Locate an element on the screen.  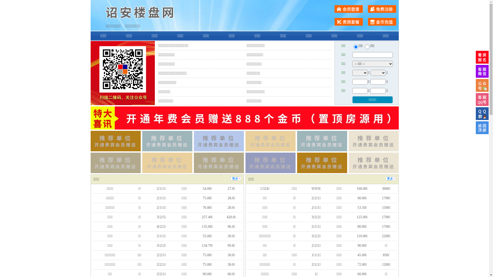
'chuzu' is located at coordinates (367, 47).